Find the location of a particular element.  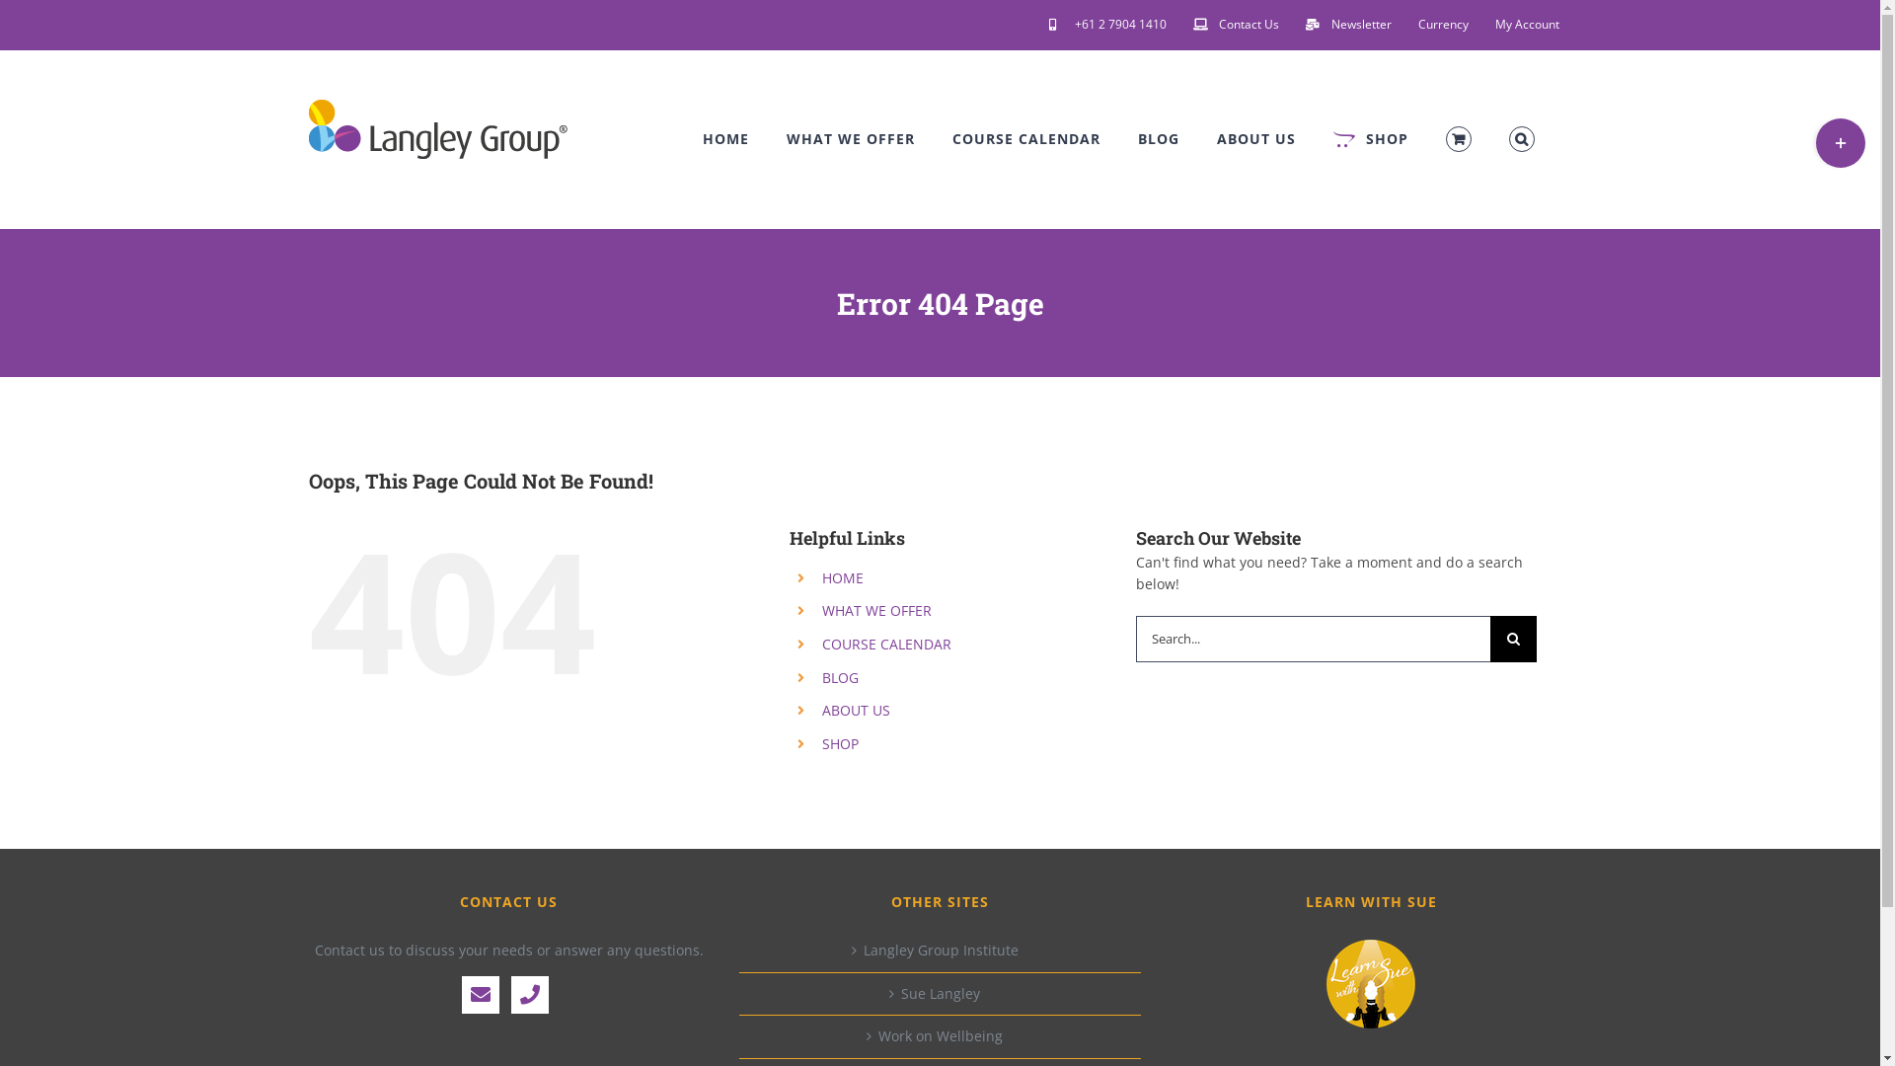

'Currency' is located at coordinates (1443, 24).